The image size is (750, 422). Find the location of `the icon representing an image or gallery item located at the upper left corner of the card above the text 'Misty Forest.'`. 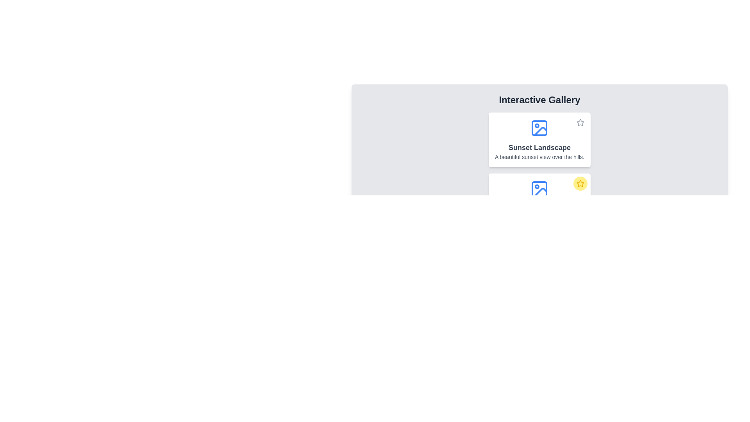

the icon representing an image or gallery item located at the upper left corner of the card above the text 'Misty Forest.' is located at coordinates (539, 189).